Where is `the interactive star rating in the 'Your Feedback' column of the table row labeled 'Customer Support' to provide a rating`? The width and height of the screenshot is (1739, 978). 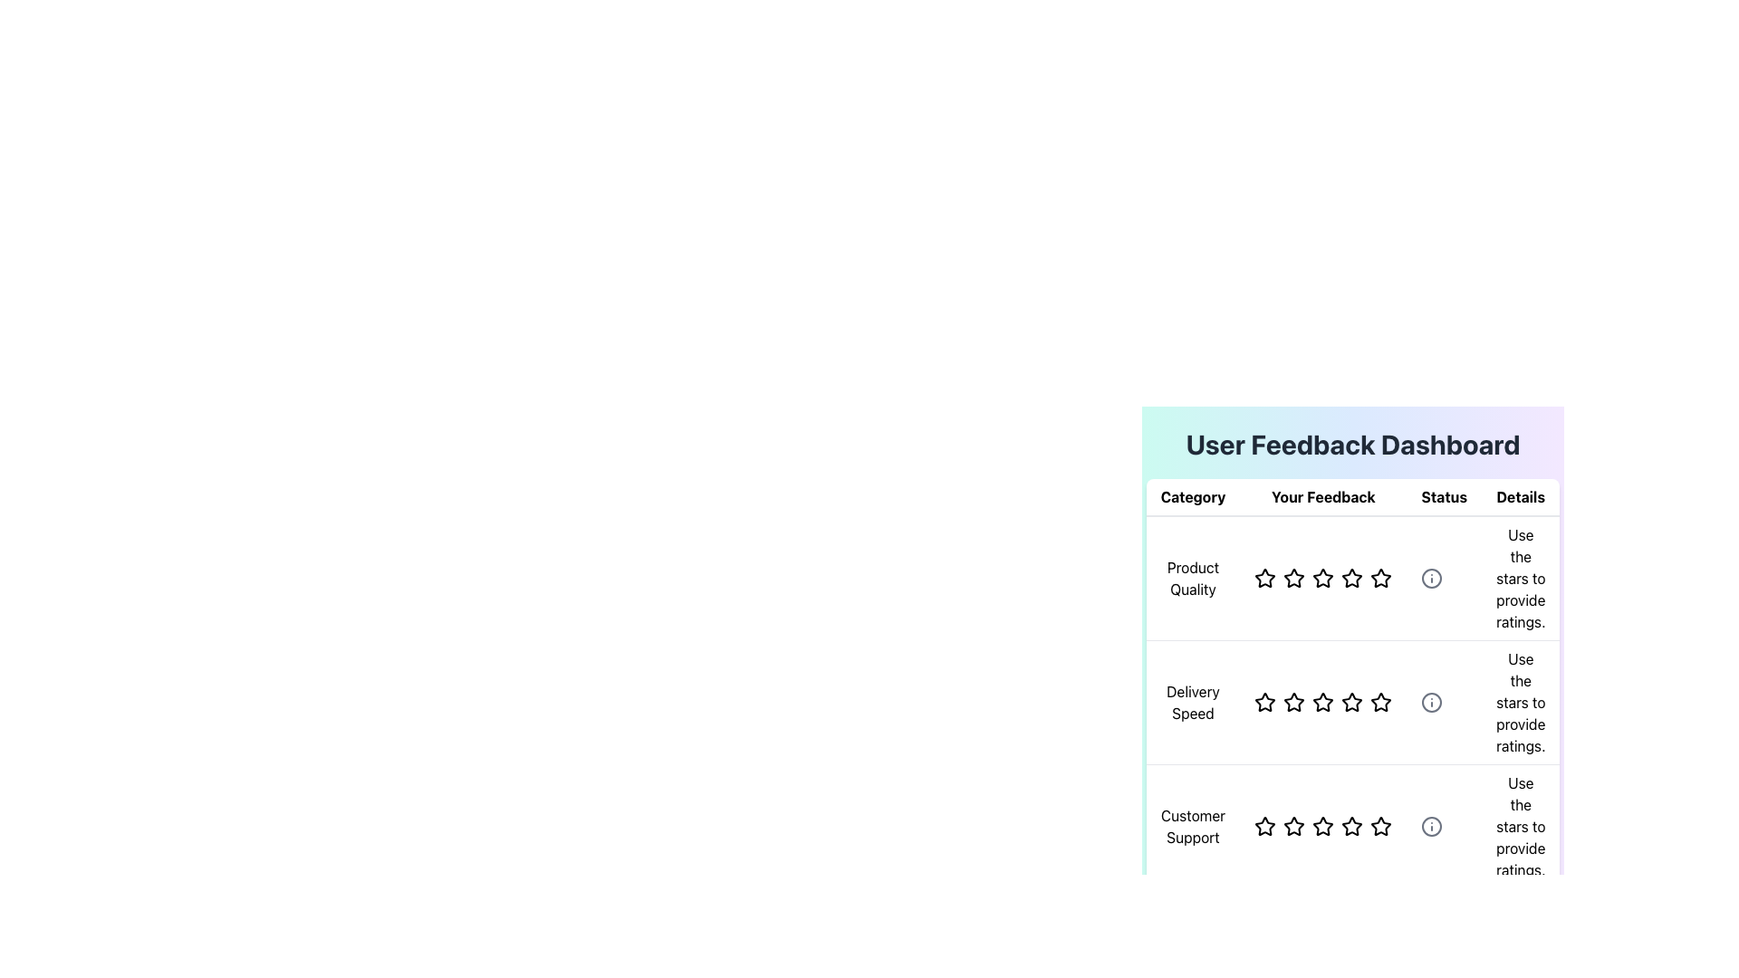
the interactive star rating in the 'Your Feedback' column of the table row labeled 'Customer Support' to provide a rating is located at coordinates (1352, 827).